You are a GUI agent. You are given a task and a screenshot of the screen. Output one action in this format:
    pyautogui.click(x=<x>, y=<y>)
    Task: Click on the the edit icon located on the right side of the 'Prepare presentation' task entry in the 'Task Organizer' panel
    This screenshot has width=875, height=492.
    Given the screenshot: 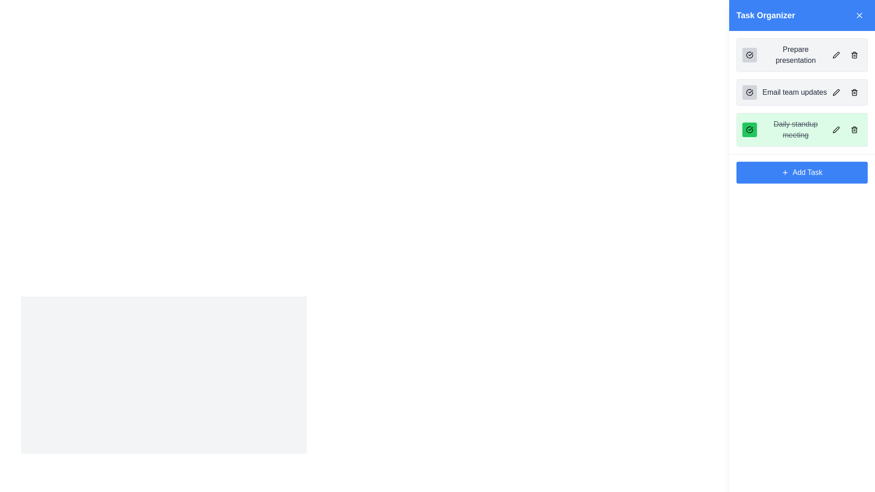 What is the action you would take?
    pyautogui.click(x=836, y=54)
    